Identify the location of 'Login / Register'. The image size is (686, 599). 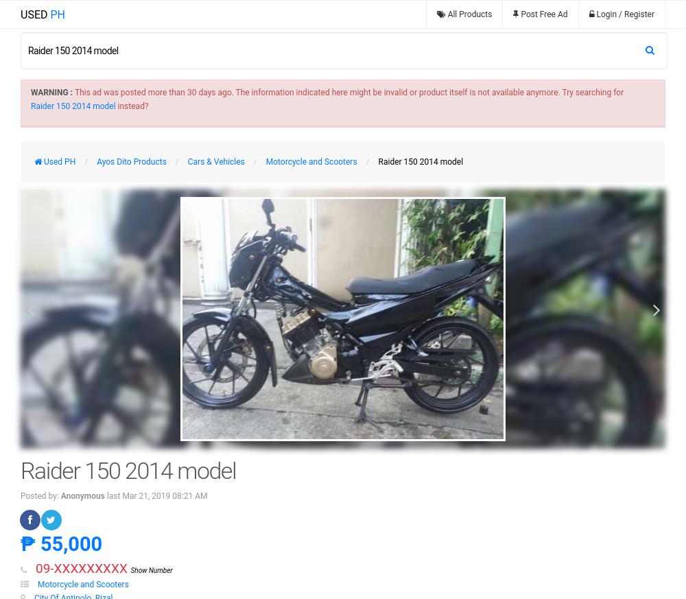
(625, 14).